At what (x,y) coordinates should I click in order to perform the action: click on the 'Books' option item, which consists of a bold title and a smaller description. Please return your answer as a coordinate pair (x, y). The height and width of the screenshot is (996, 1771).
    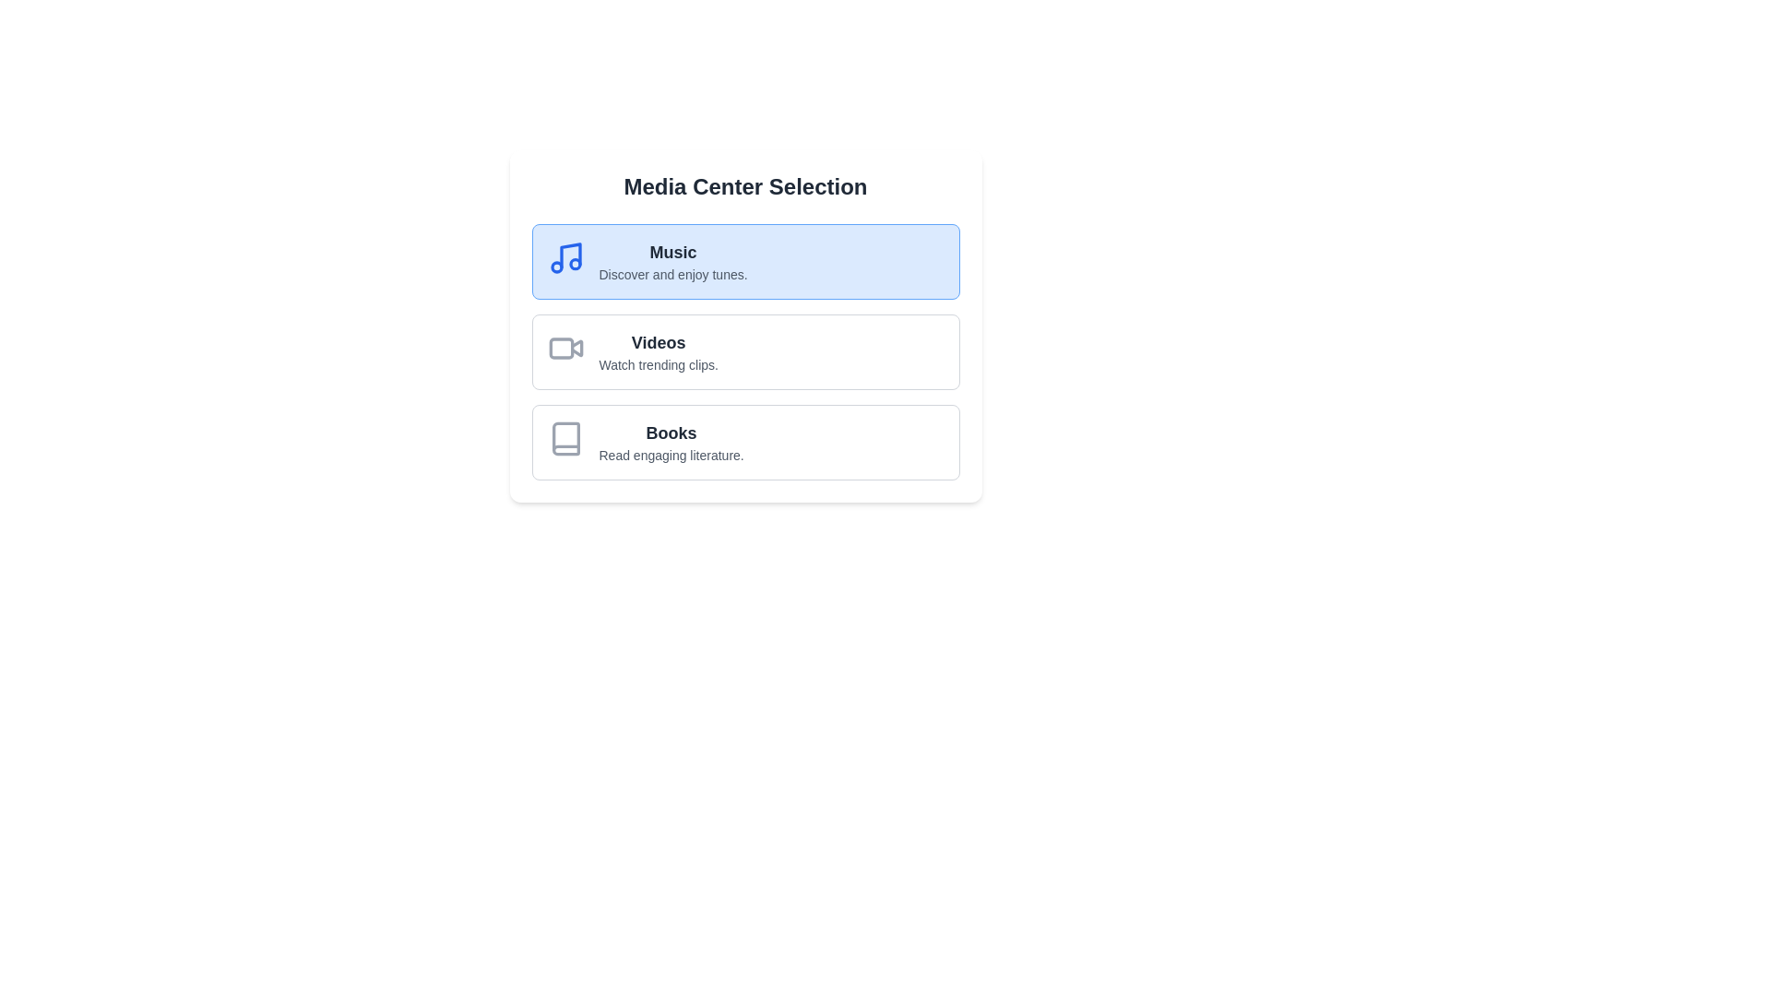
    Looking at the image, I should click on (671, 442).